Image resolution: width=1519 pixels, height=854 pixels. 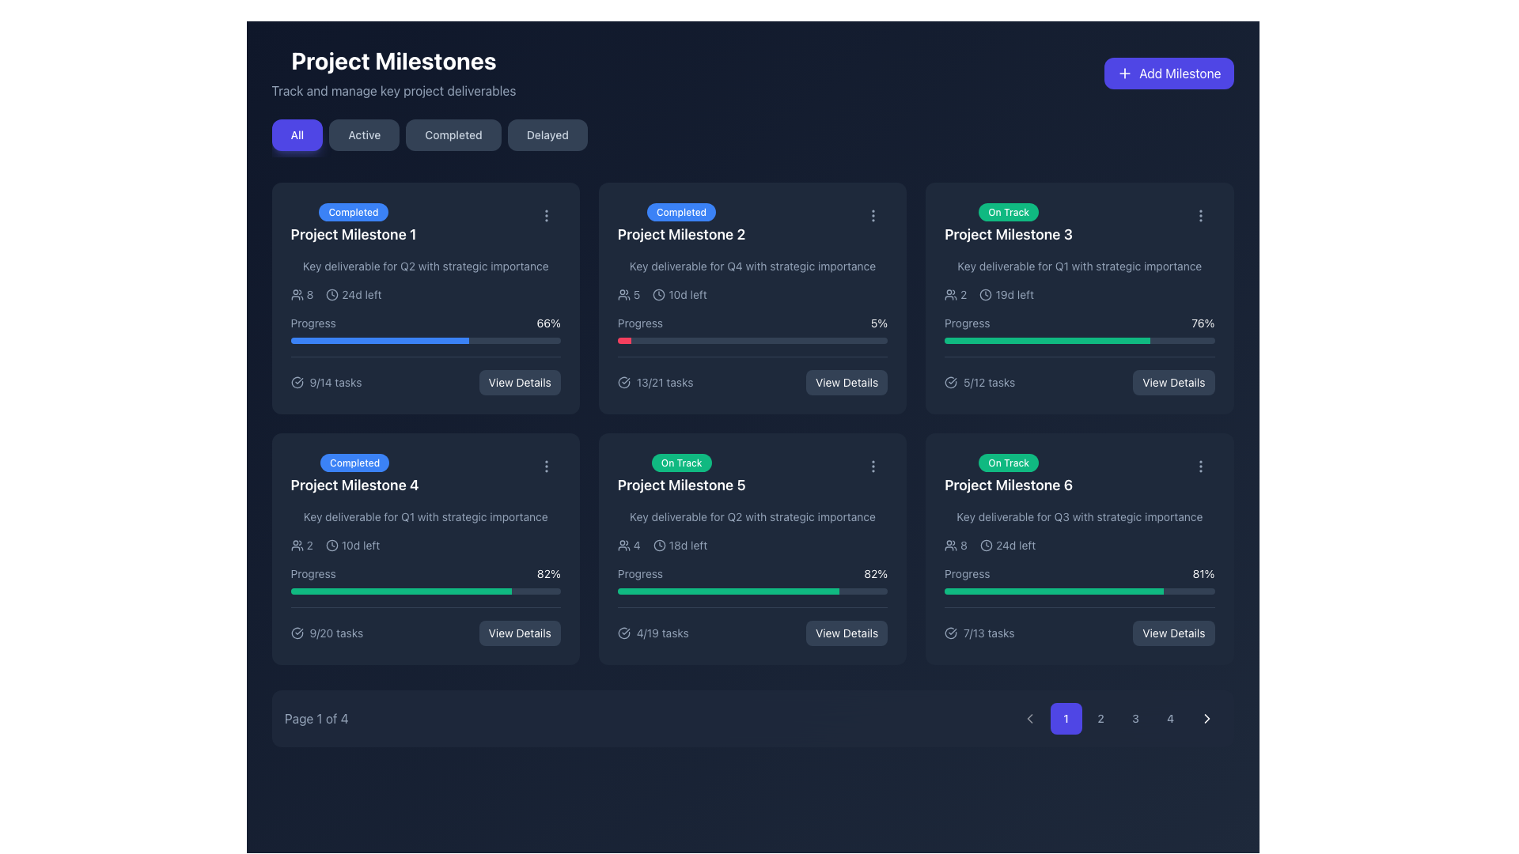 I want to click on the Icon button for options menu located in the top-right corner of the 'Project Milestone 4' card to focus or reveal additional information, so click(x=546, y=466).